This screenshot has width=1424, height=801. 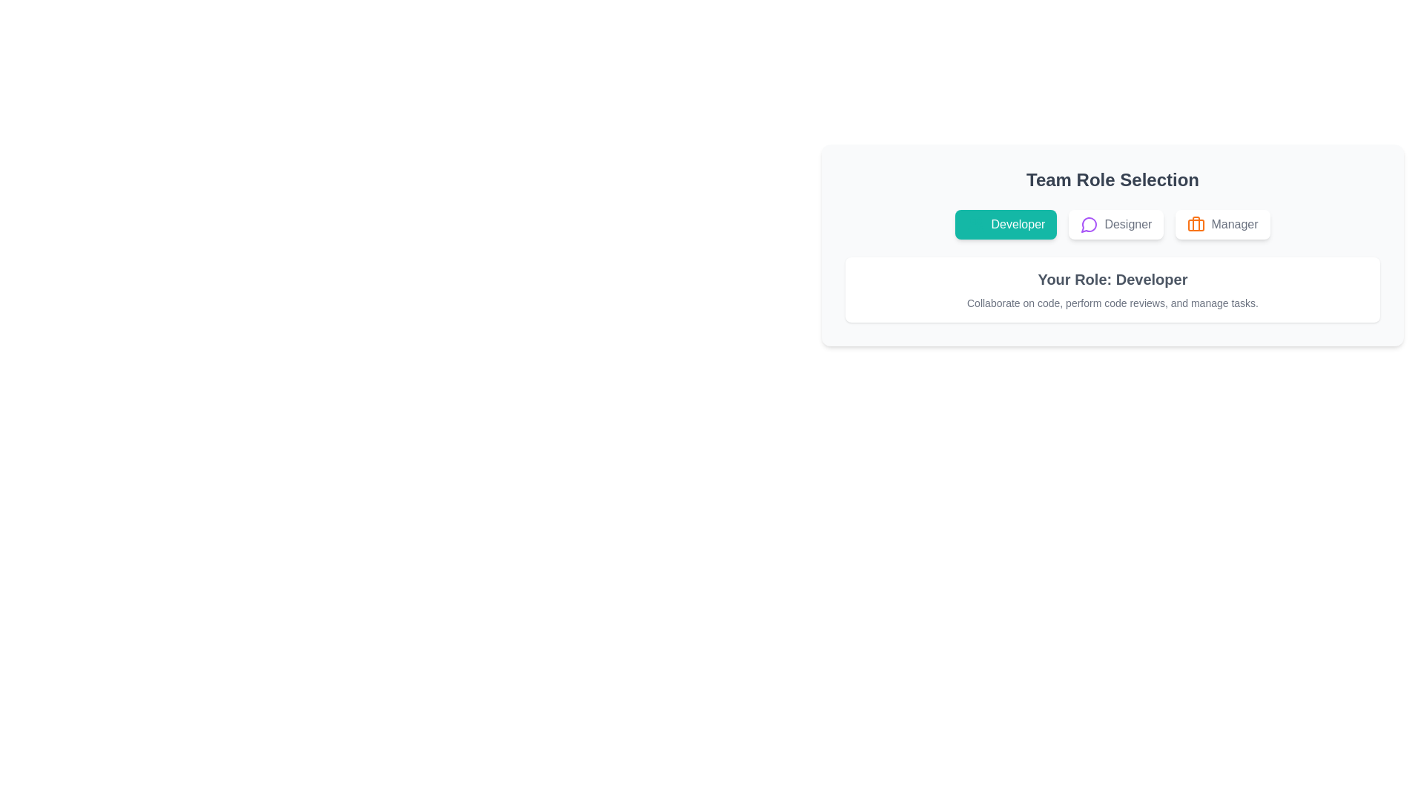 I want to click on the text label that reads 'Your Role: Developer.' which is styled in bold and gray, located within the white rounded panel below the 'Team Role Selection' heading, so click(x=1112, y=280).